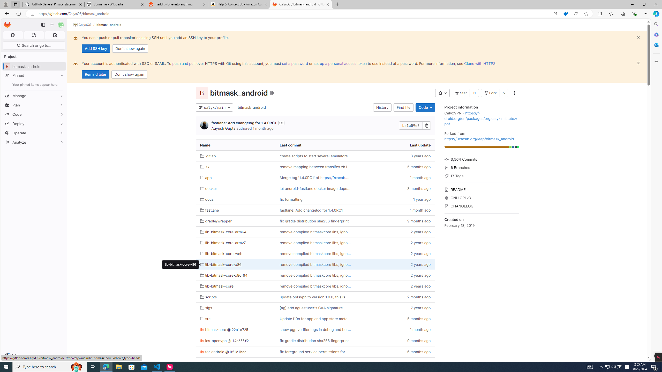 This screenshot has width=662, height=372. Describe the element at coordinates (208, 297) in the screenshot. I see `'scripts'` at that location.